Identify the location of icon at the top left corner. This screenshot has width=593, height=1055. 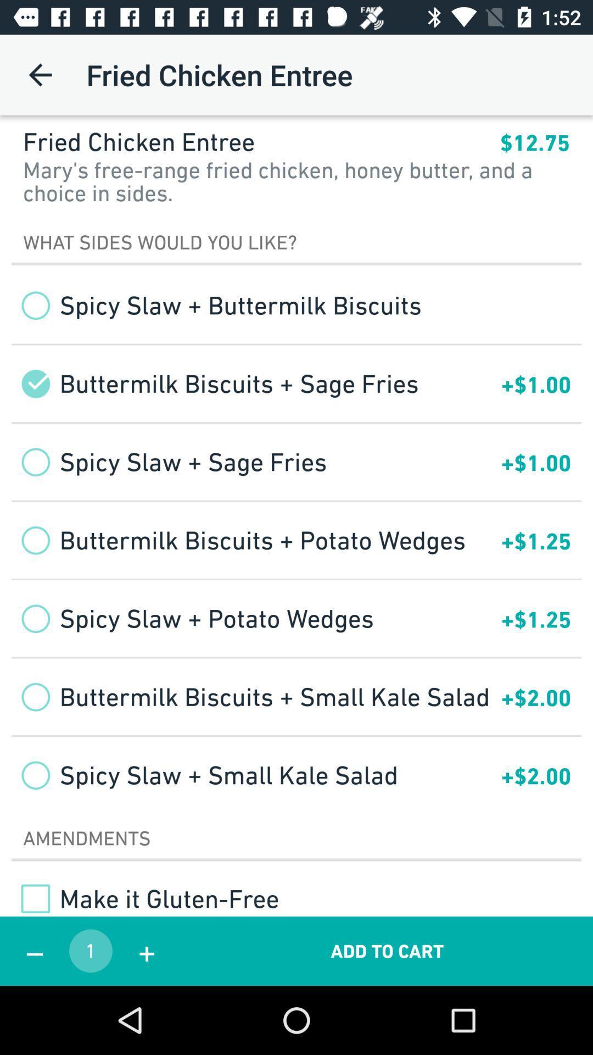
(40, 74).